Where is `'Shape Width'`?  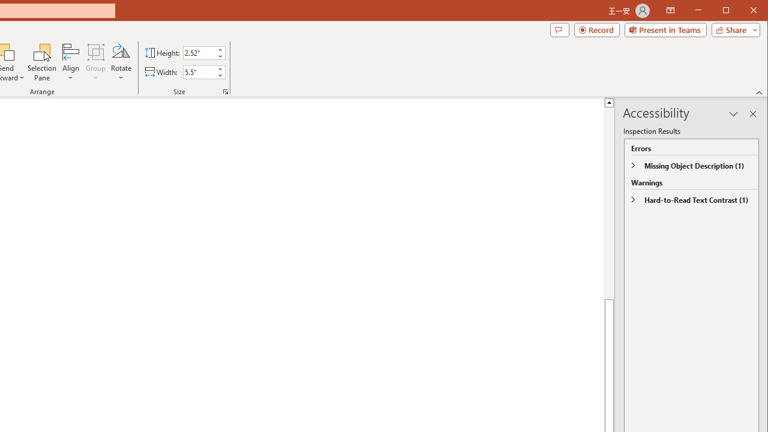 'Shape Width' is located at coordinates (199, 72).